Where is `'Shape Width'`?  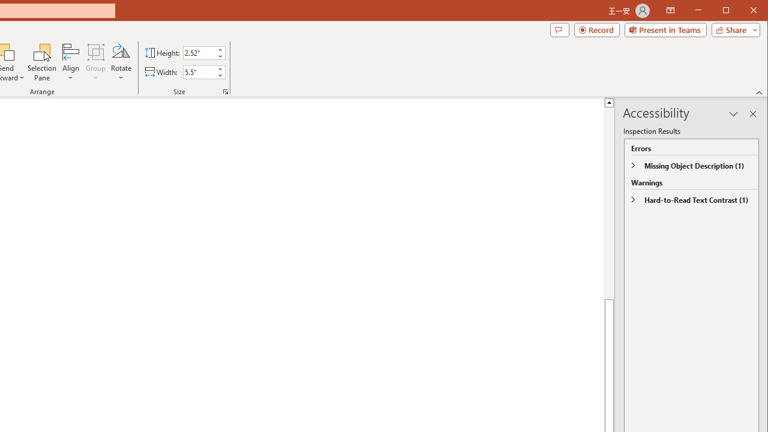 'Shape Width' is located at coordinates (199, 72).